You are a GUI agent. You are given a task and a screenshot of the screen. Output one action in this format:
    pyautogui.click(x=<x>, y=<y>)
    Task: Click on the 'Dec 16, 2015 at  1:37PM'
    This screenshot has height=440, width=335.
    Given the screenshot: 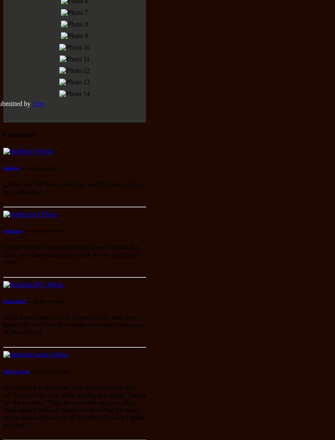 What is the action you would take?
    pyautogui.click(x=49, y=371)
    